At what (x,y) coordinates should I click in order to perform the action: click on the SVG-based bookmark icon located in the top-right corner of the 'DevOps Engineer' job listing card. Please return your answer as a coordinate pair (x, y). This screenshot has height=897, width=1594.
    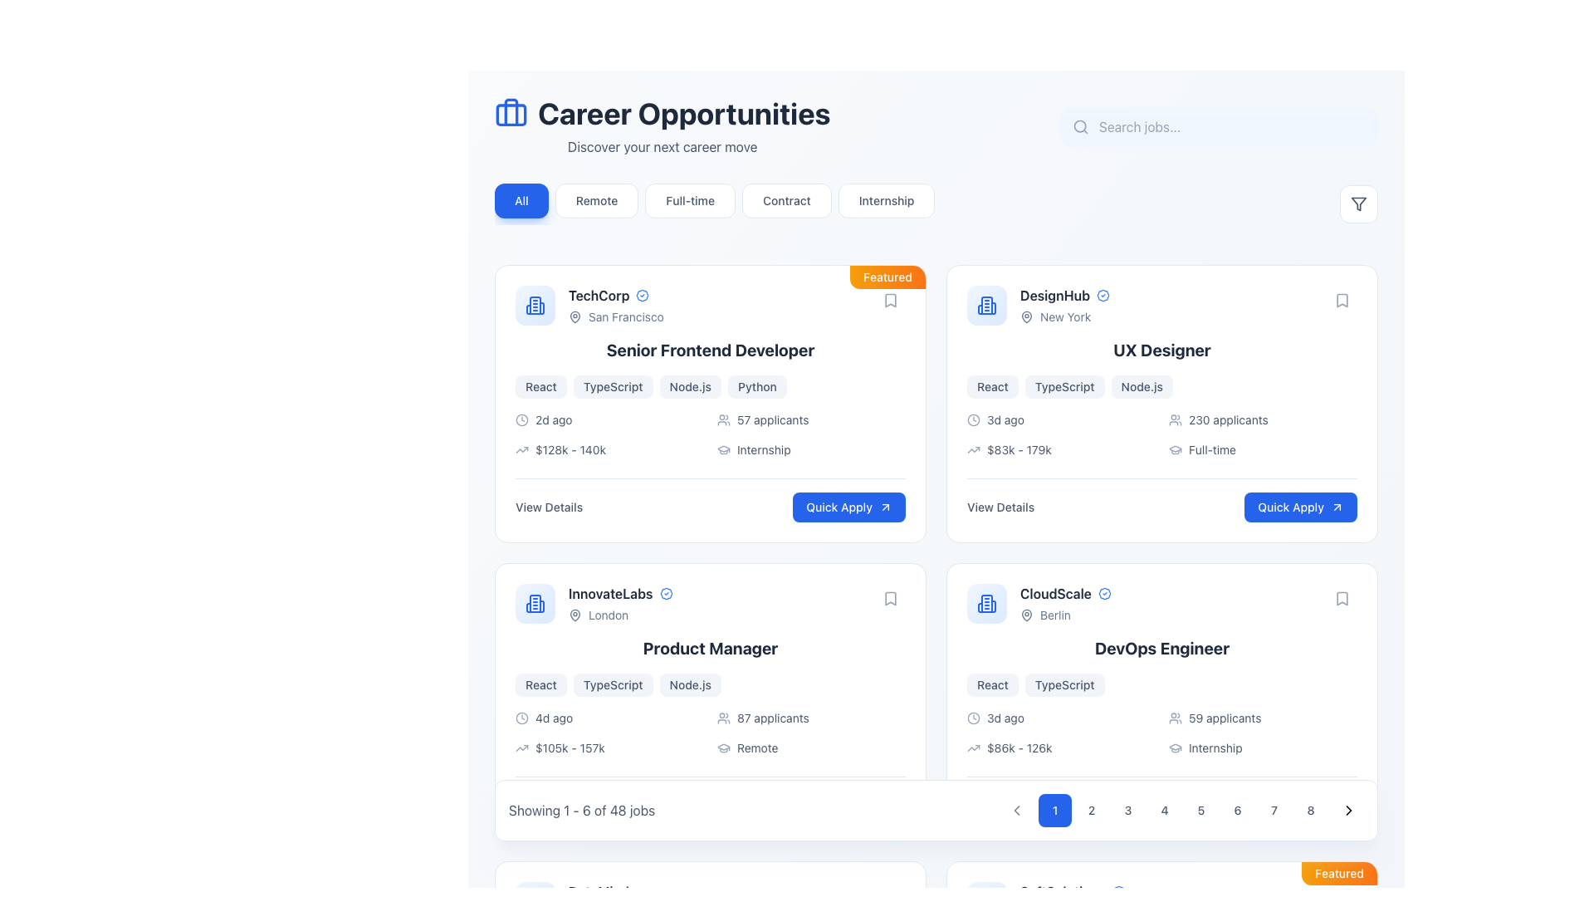
    Looking at the image, I should click on (1342, 599).